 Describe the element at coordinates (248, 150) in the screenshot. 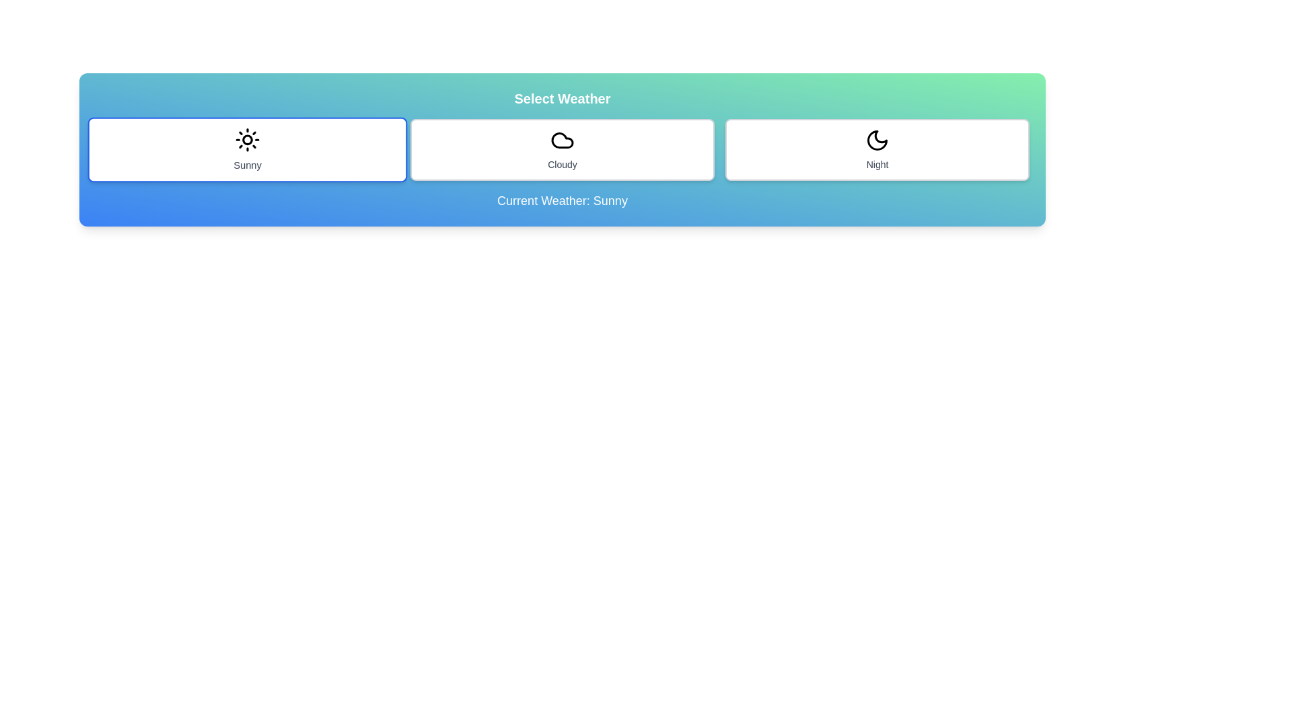

I see `the weather option Sunny to view the corresponding weather status` at that location.